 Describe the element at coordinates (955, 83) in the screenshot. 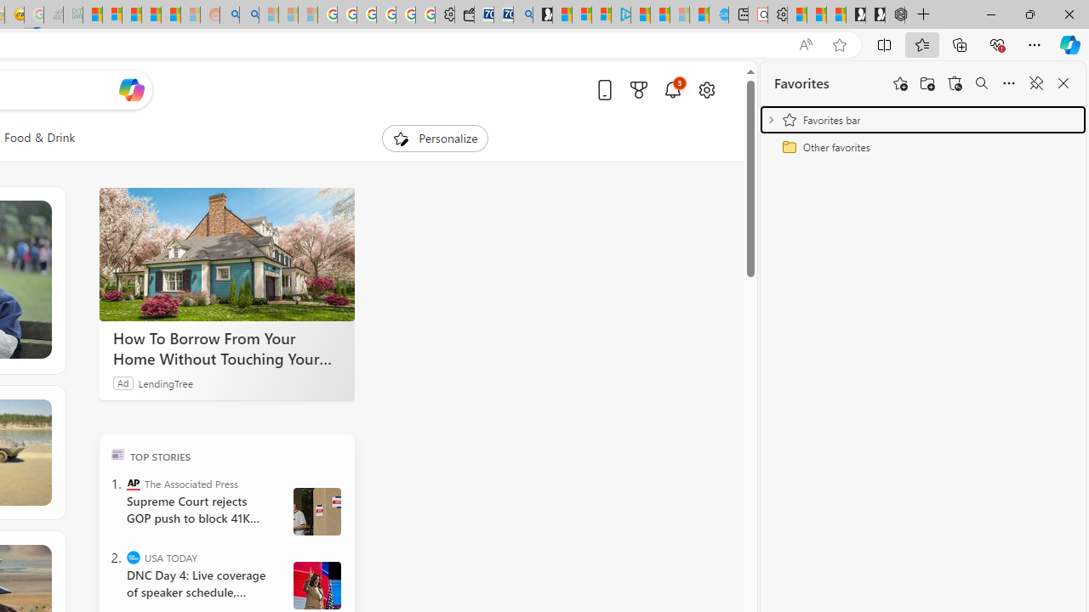

I see `'Restore deleted favorites'` at that location.